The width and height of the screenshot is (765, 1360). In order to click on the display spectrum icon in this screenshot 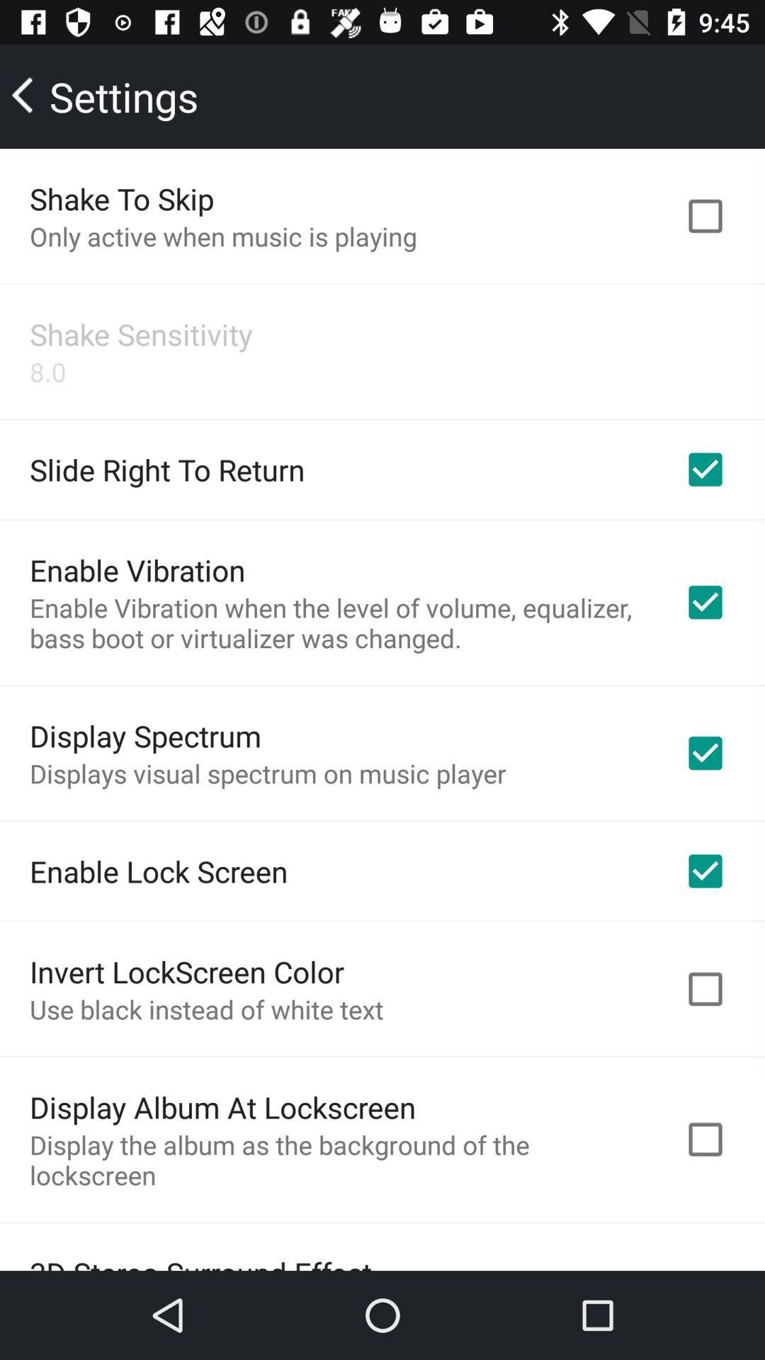, I will do `click(145, 735)`.